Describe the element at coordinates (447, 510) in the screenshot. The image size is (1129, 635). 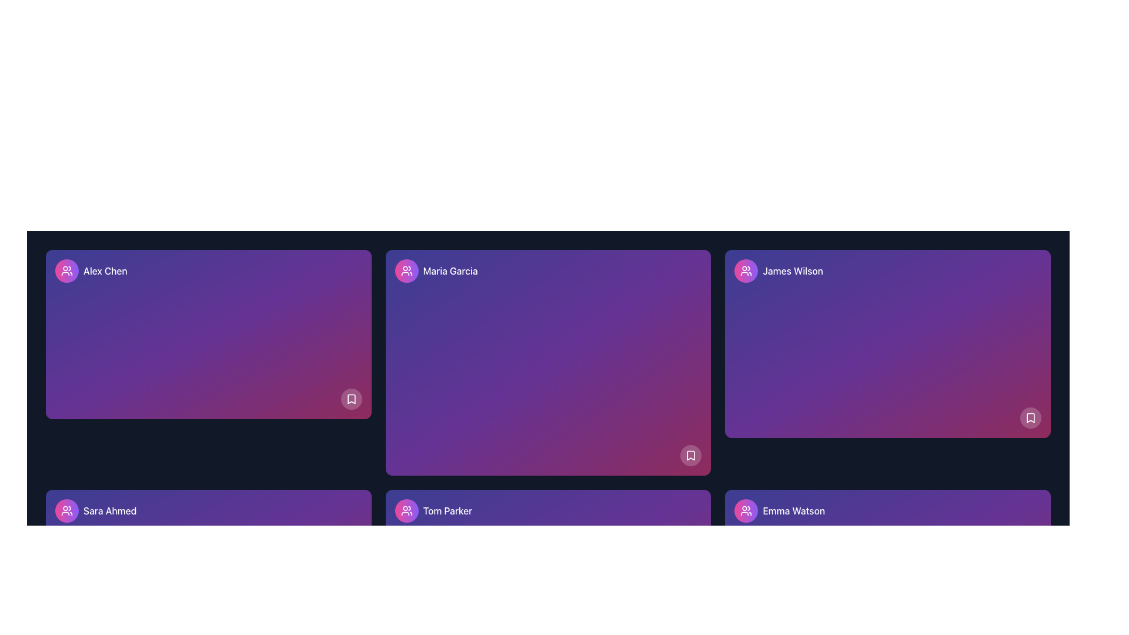
I see `the text label displaying 'Tom Parker' in white, bold styling against a violet background, located at the bottom left corner of a card` at that location.